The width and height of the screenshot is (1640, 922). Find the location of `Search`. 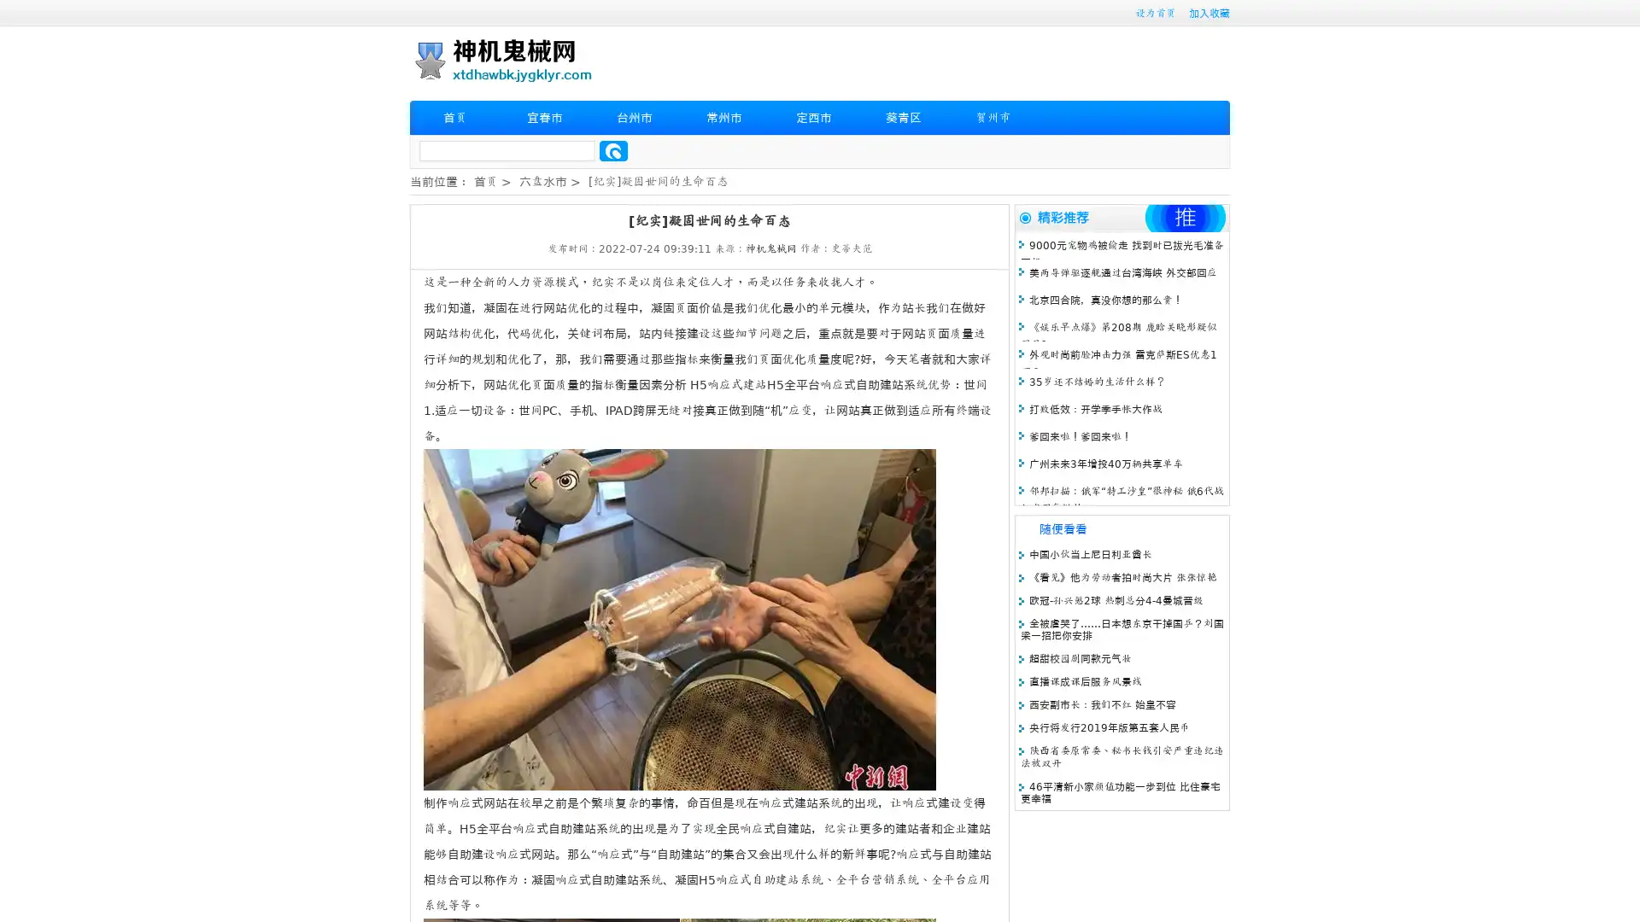

Search is located at coordinates (613, 150).